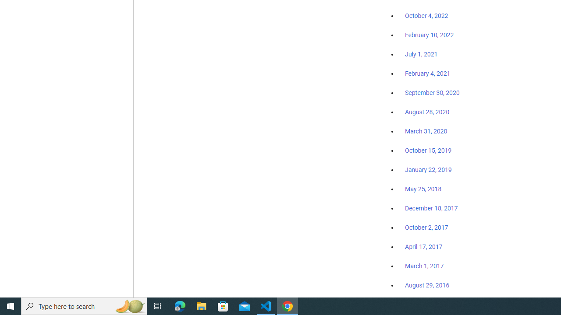 The height and width of the screenshot is (315, 561). What do you see at coordinates (426, 16) in the screenshot?
I see `'October 4, 2022'` at bounding box center [426, 16].